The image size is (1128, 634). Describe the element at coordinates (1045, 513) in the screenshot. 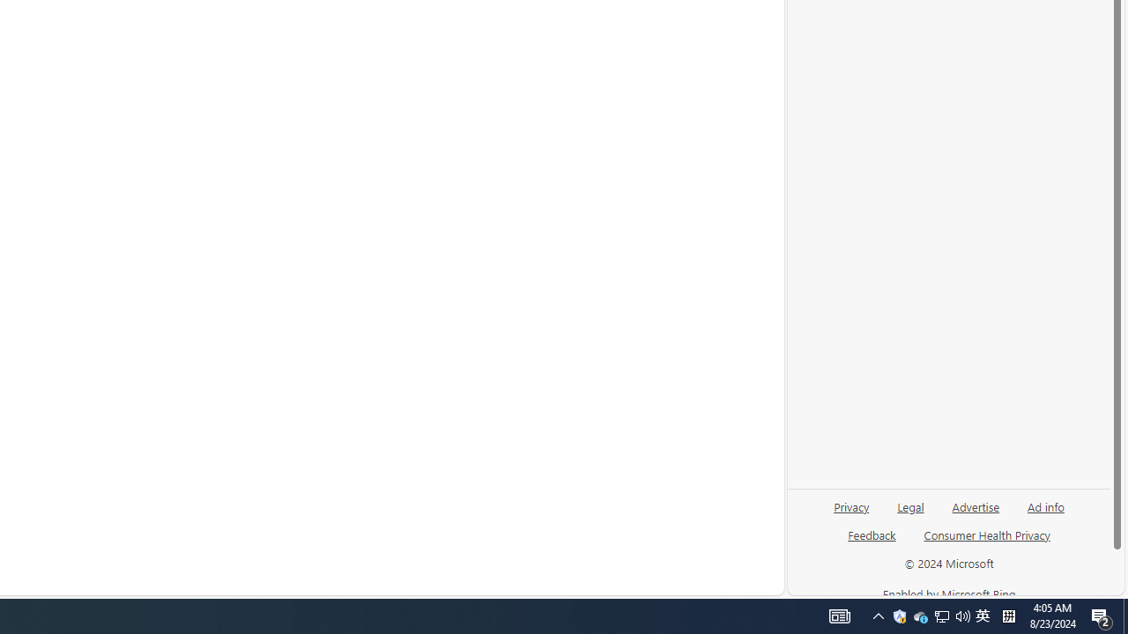

I see `'Ad info'` at that location.